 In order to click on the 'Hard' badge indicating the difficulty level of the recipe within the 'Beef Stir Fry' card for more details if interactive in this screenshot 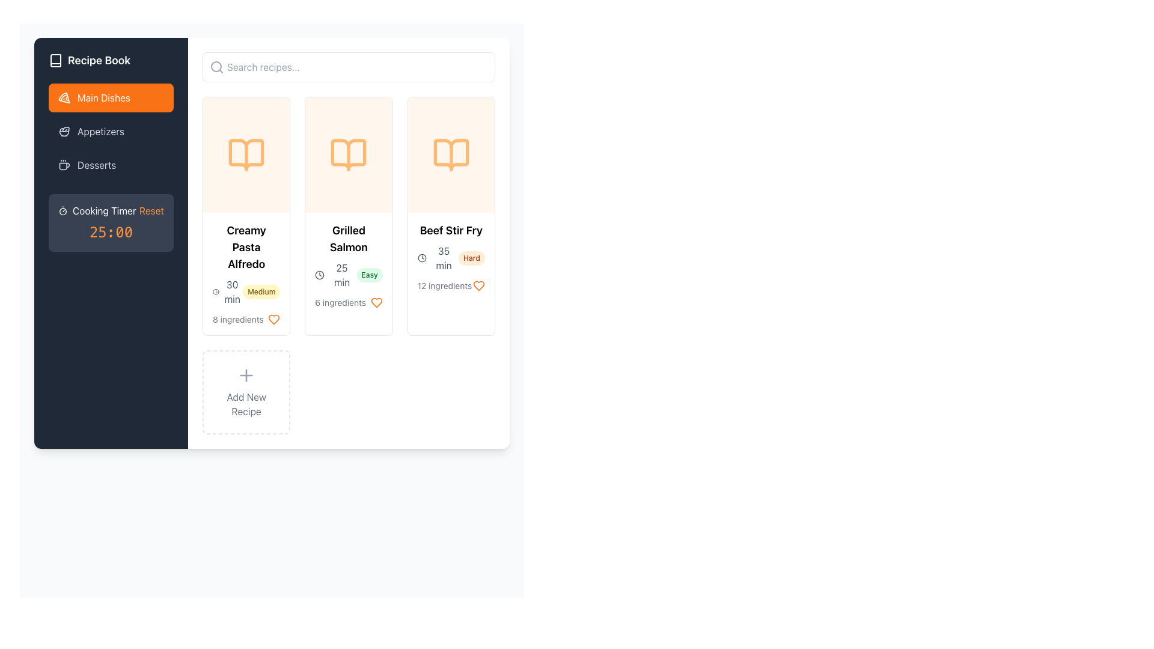, I will do `click(471, 257)`.